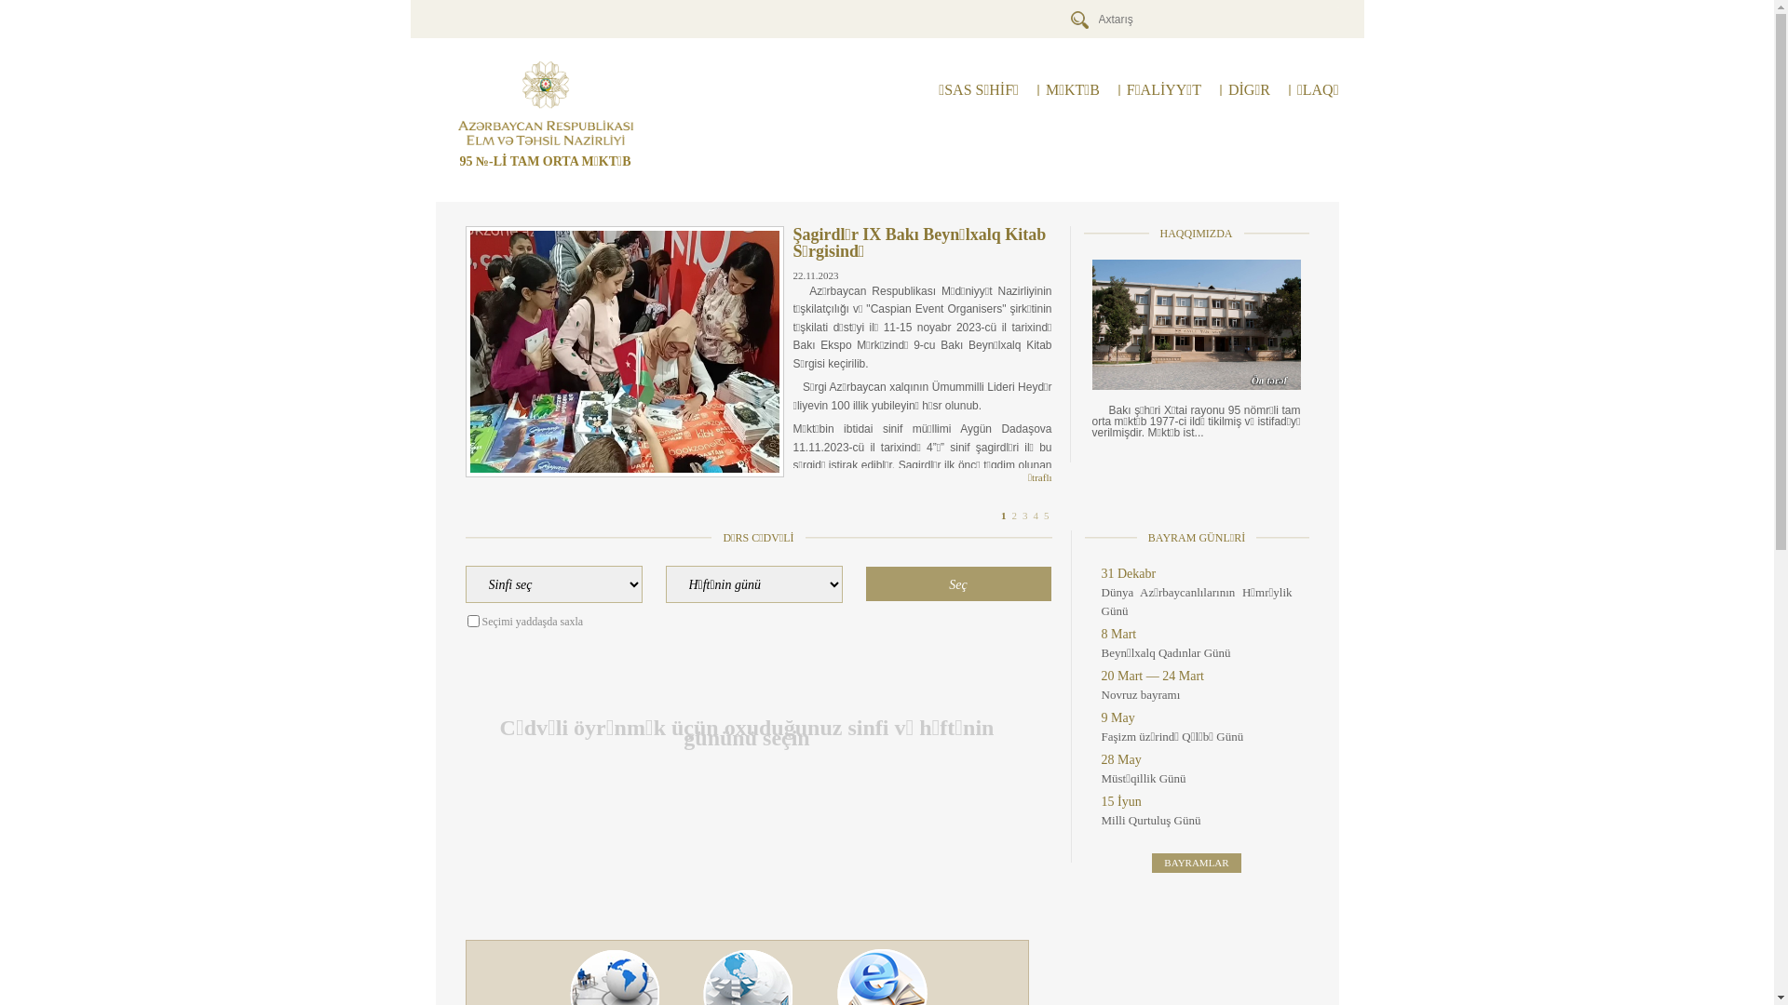 This screenshot has height=1005, width=1788. What do you see at coordinates (1022, 516) in the screenshot?
I see `'3'` at bounding box center [1022, 516].